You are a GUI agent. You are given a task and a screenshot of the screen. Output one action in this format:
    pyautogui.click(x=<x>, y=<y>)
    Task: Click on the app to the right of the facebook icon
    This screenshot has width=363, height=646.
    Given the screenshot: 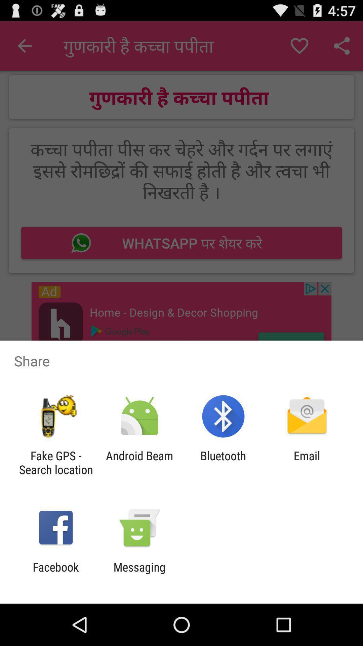 What is the action you would take?
    pyautogui.click(x=139, y=574)
    